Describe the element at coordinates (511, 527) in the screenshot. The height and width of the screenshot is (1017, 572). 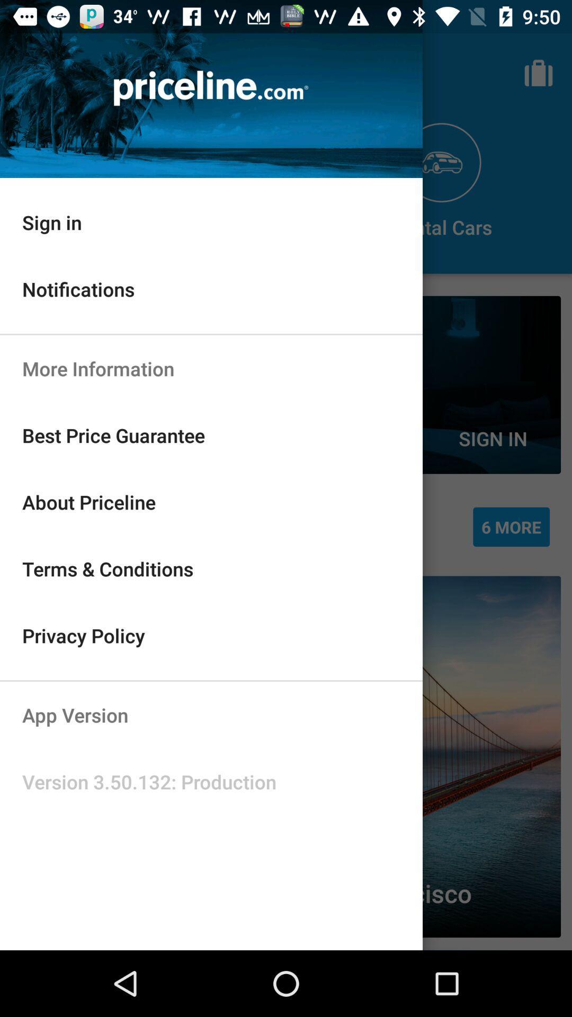
I see `6 more` at that location.